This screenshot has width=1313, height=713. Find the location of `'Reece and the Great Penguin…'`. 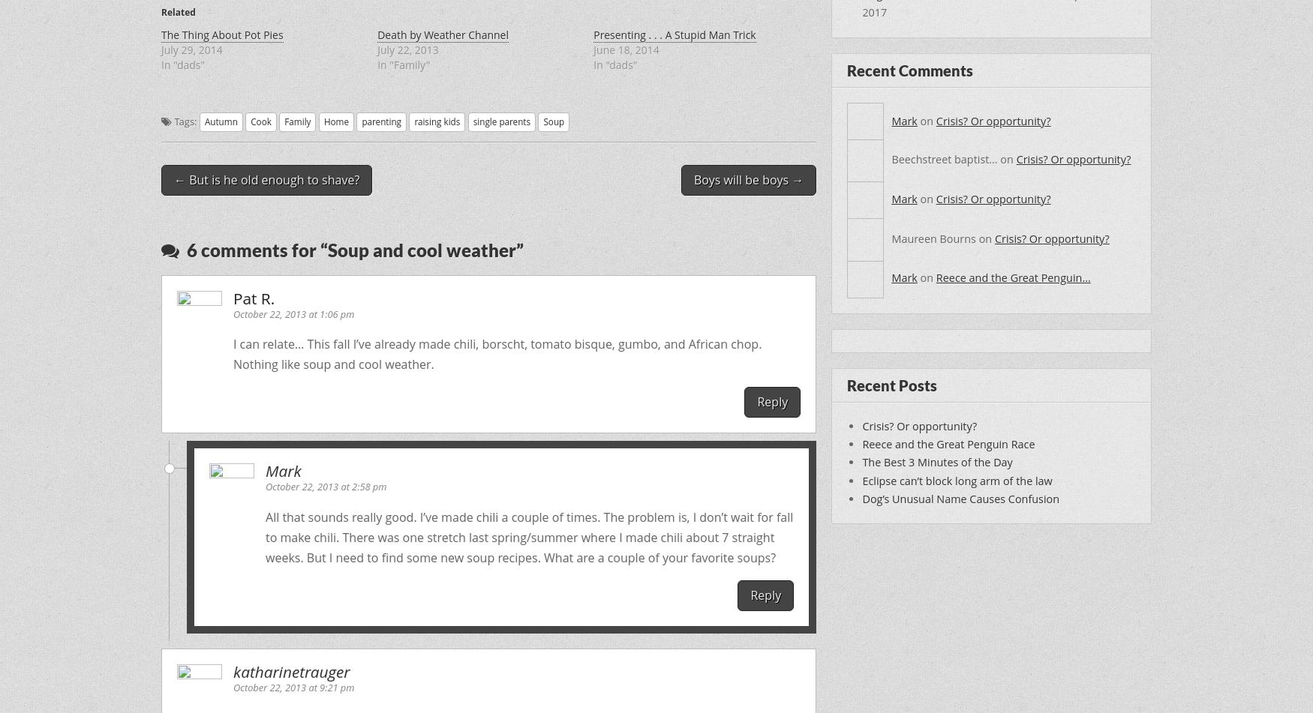

'Reece and the Great Penguin…' is located at coordinates (1012, 277).